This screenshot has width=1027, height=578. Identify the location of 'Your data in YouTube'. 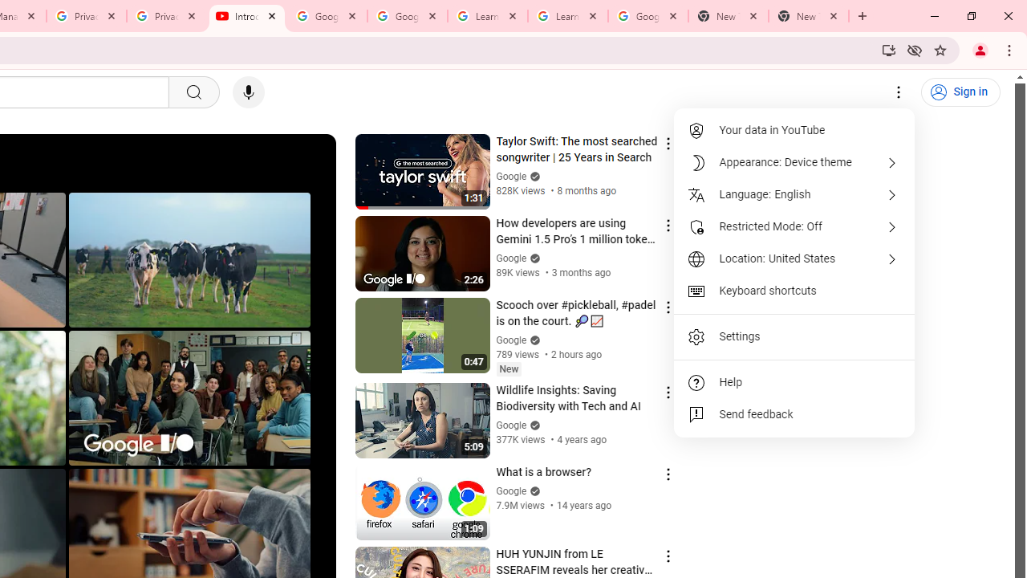
(794, 130).